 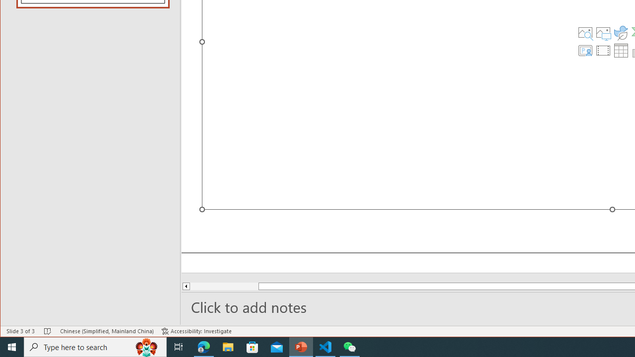 I want to click on 'Insert Table', so click(x=621, y=50).